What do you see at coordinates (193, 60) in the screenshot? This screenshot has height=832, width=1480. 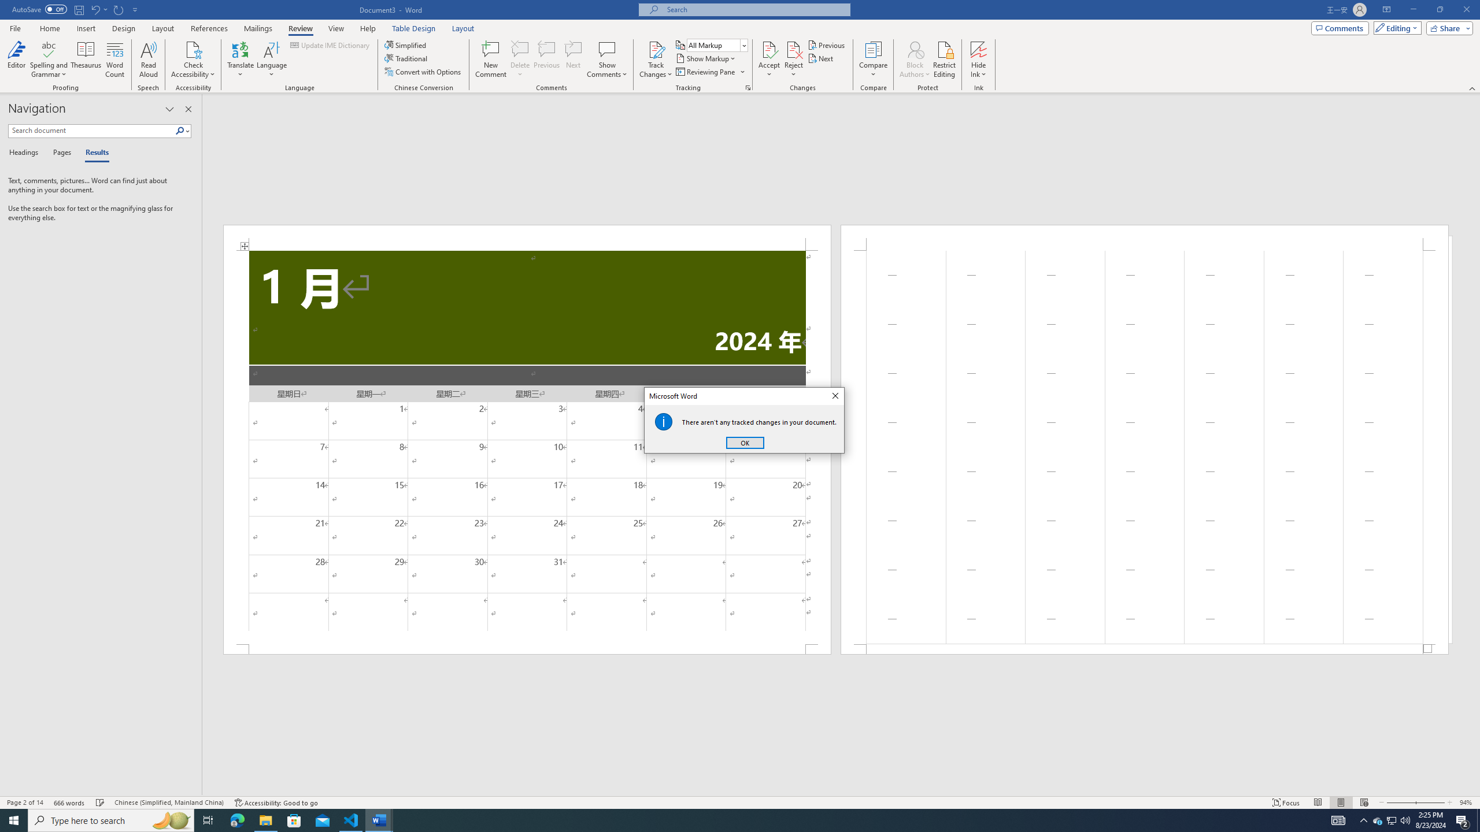 I see `'Check Accessibility'` at bounding box center [193, 60].